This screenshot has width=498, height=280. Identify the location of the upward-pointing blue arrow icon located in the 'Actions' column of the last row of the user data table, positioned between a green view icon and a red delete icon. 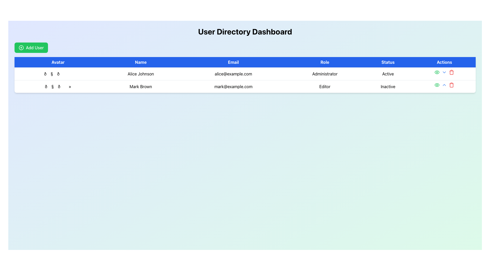
(444, 85).